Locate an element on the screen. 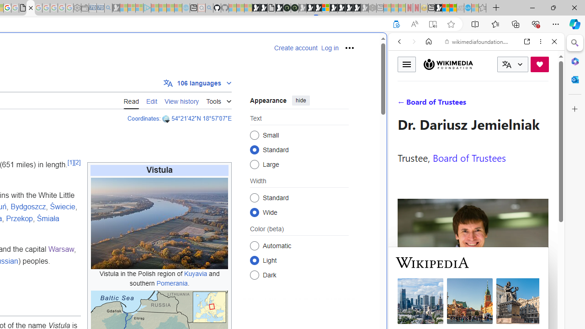  'MSN' is located at coordinates (438, 8).